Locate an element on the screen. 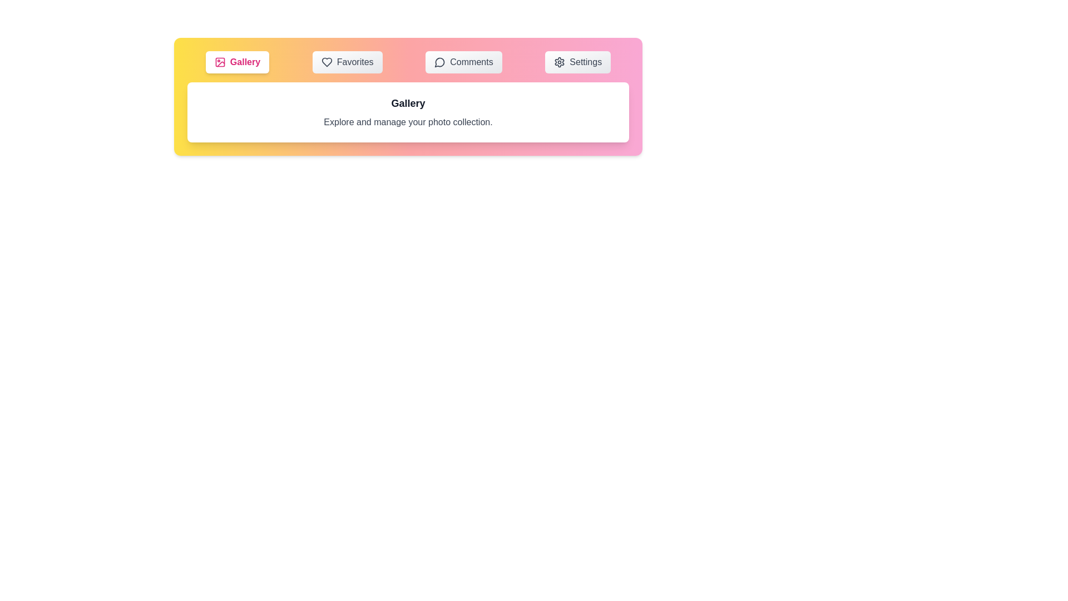  the Settings tab is located at coordinates (578, 62).